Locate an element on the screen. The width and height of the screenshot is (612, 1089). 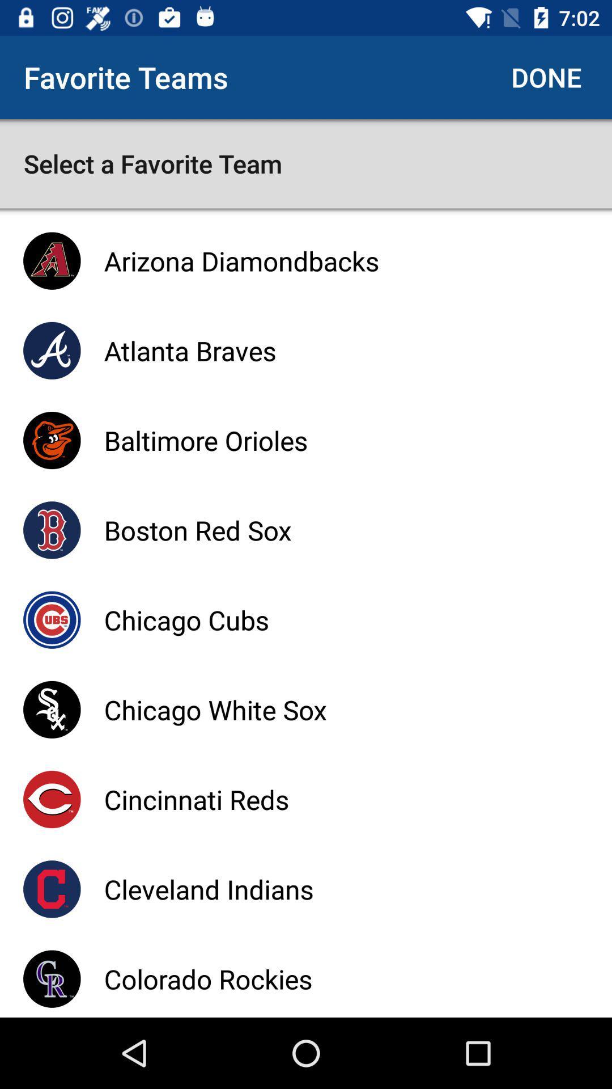
item at the top right corner is located at coordinates (546, 77).